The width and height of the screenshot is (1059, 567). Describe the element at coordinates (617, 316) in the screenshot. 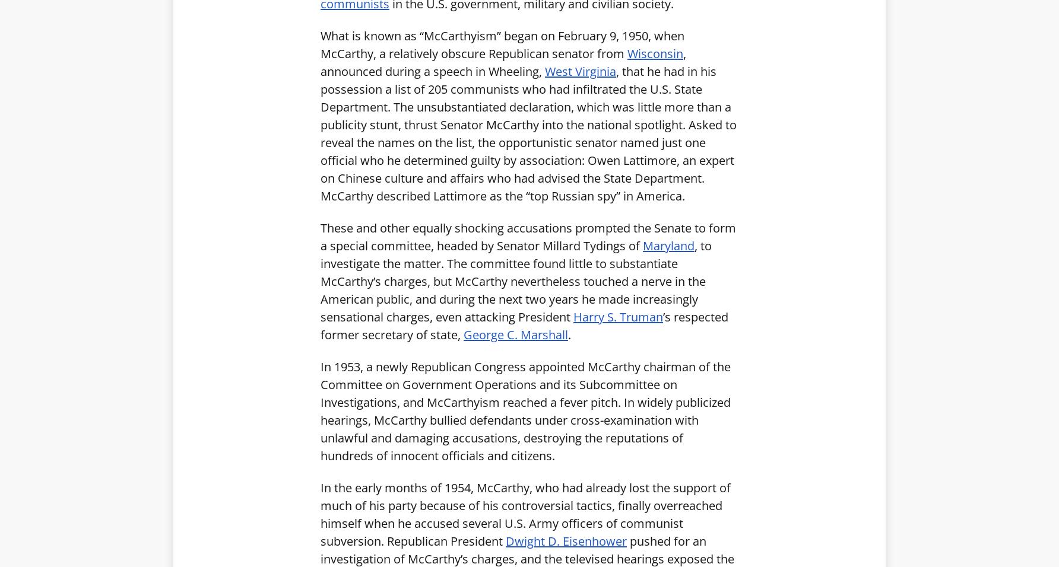

I see `'Harry S. Truman'` at that location.